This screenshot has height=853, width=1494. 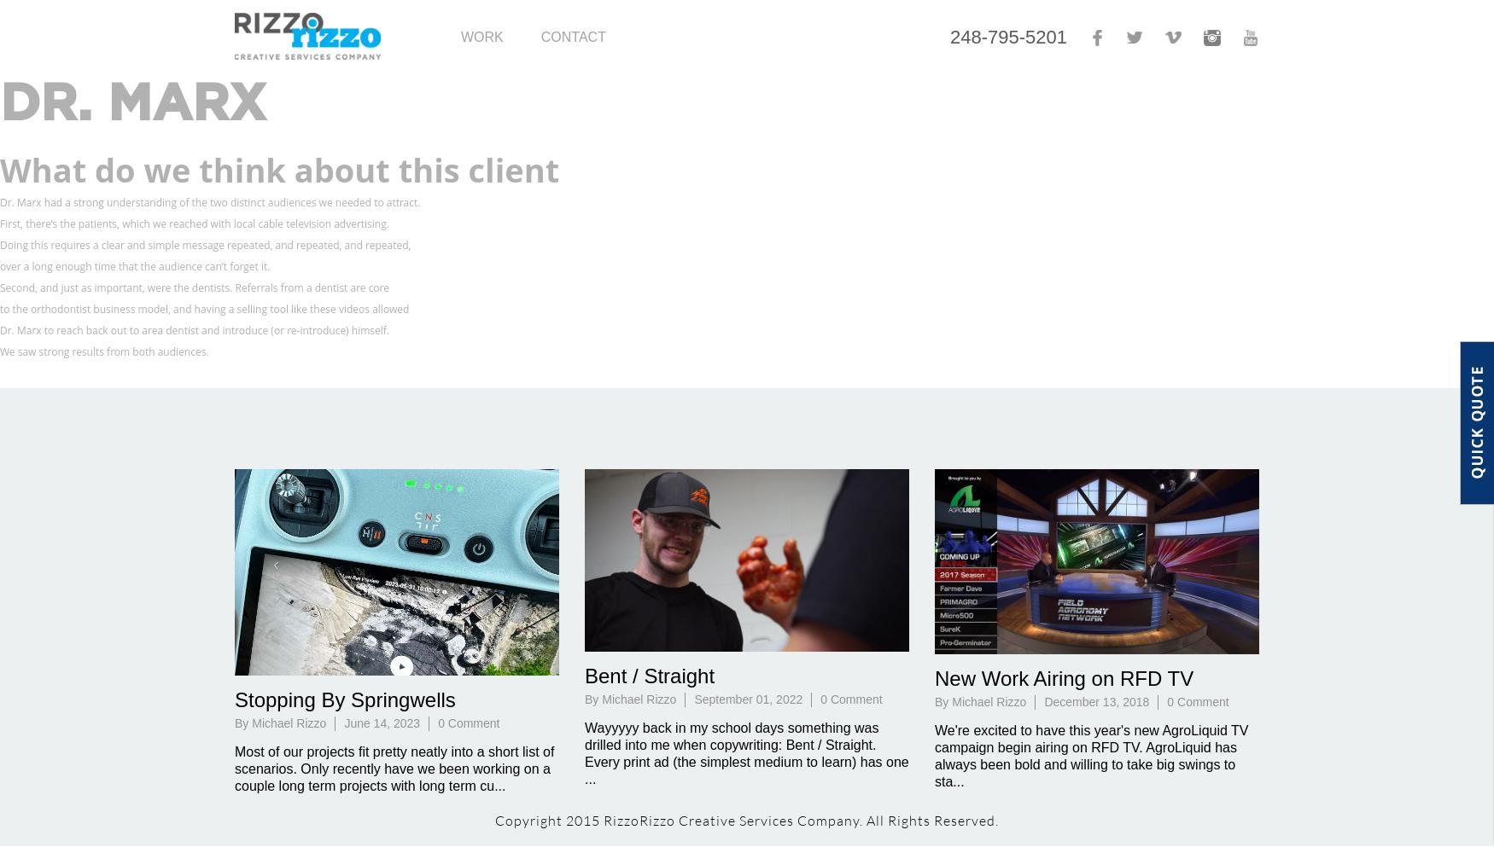 What do you see at coordinates (0, 104) in the screenshot?
I see `'Dr. Marx'` at bounding box center [0, 104].